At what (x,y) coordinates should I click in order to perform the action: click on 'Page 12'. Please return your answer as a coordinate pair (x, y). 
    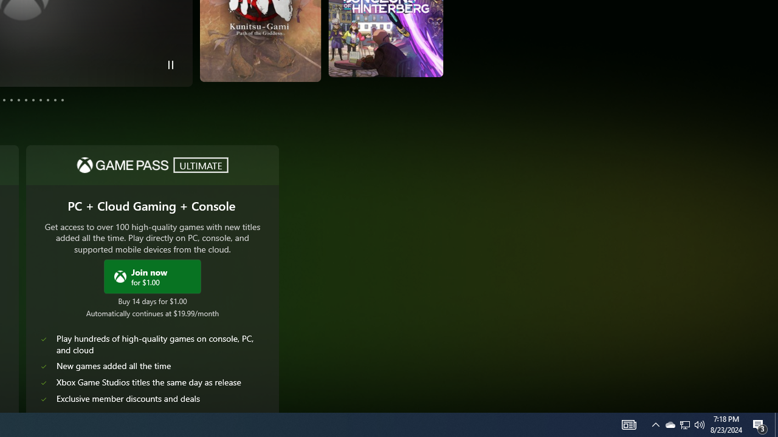
    Looking at the image, I should click on (62, 99).